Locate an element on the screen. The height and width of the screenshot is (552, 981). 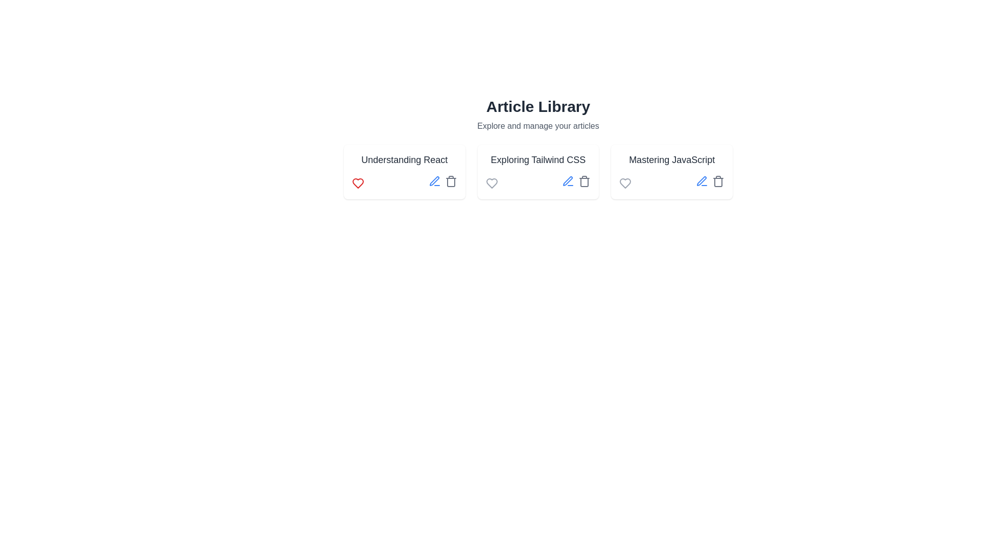
the heart-shaped icon located at the lower-left part of the 'Understanding React' card is located at coordinates (358, 182).